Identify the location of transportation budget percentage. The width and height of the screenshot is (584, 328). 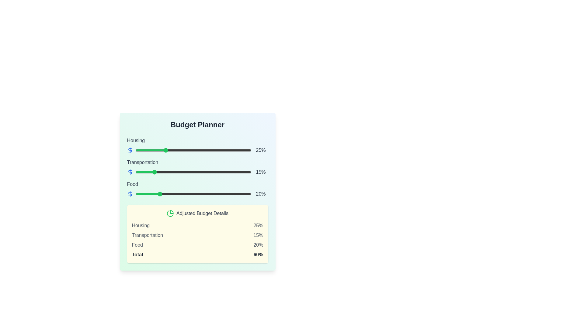
(147, 172).